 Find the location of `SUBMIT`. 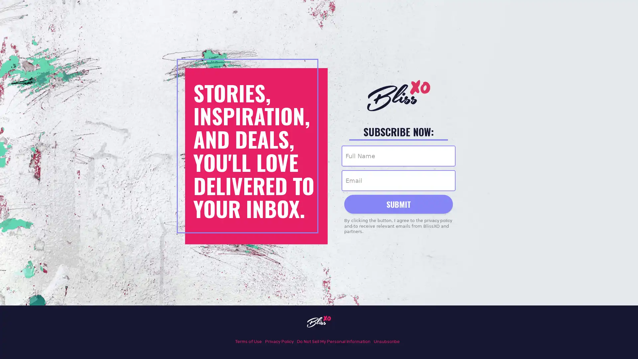

SUBMIT is located at coordinates (398, 203).